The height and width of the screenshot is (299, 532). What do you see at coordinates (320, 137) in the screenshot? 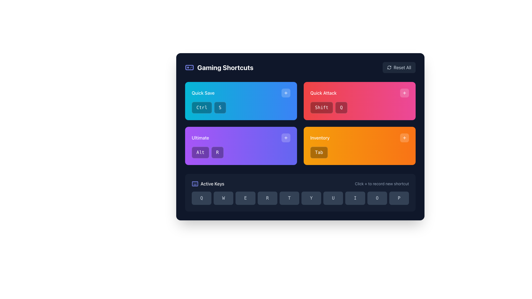
I see `the label indicating the function associated with the 'Tab' key and the '+' button for adding or configuring shortcuts, located in the bottom-right quadrant of the interface` at bounding box center [320, 137].